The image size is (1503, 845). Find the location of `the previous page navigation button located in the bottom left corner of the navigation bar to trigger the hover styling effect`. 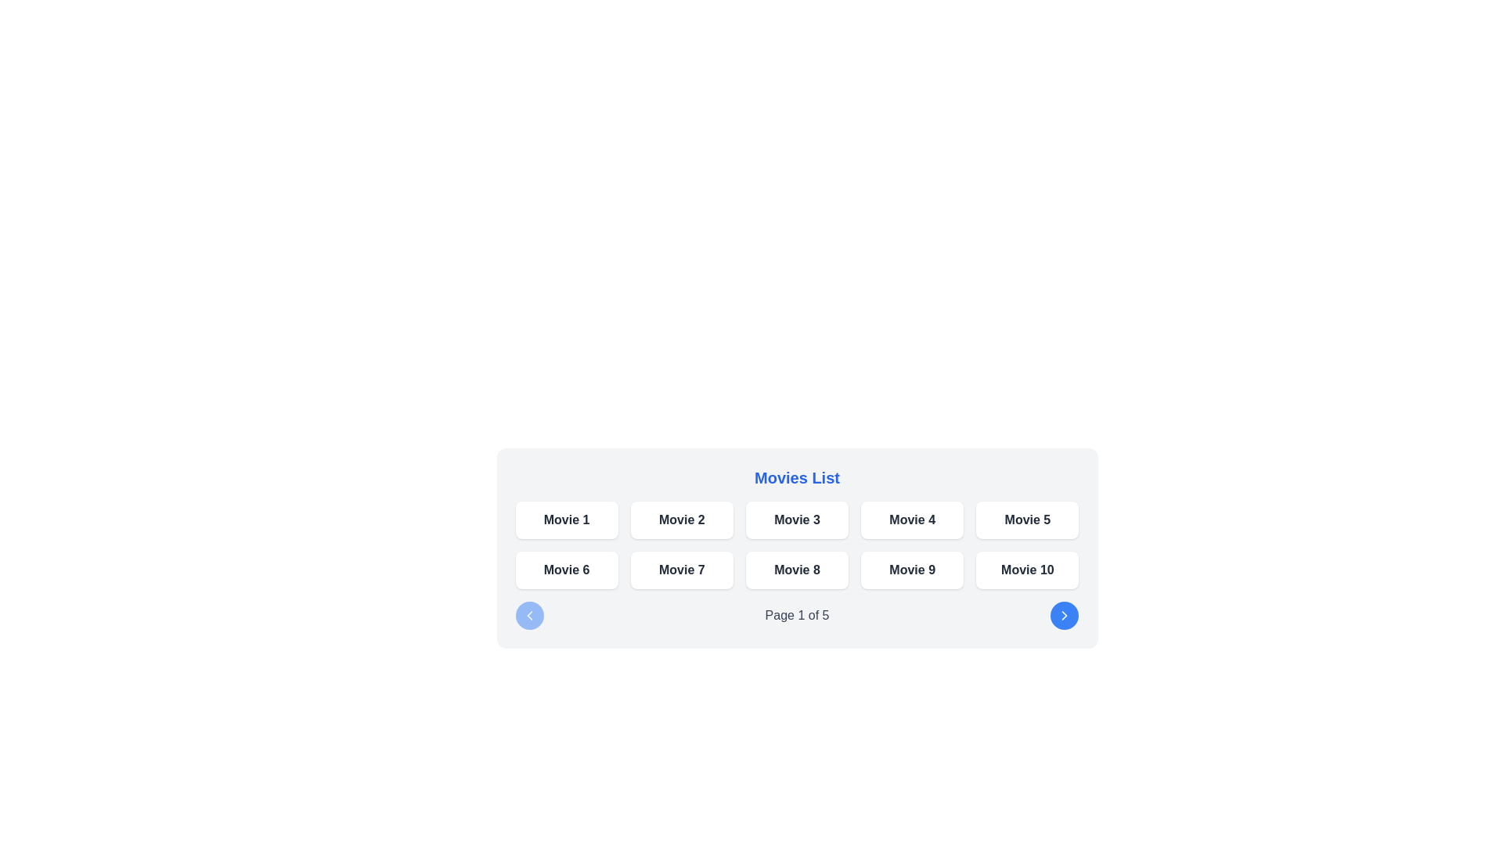

the previous page navigation button located in the bottom left corner of the navigation bar to trigger the hover styling effect is located at coordinates (529, 614).